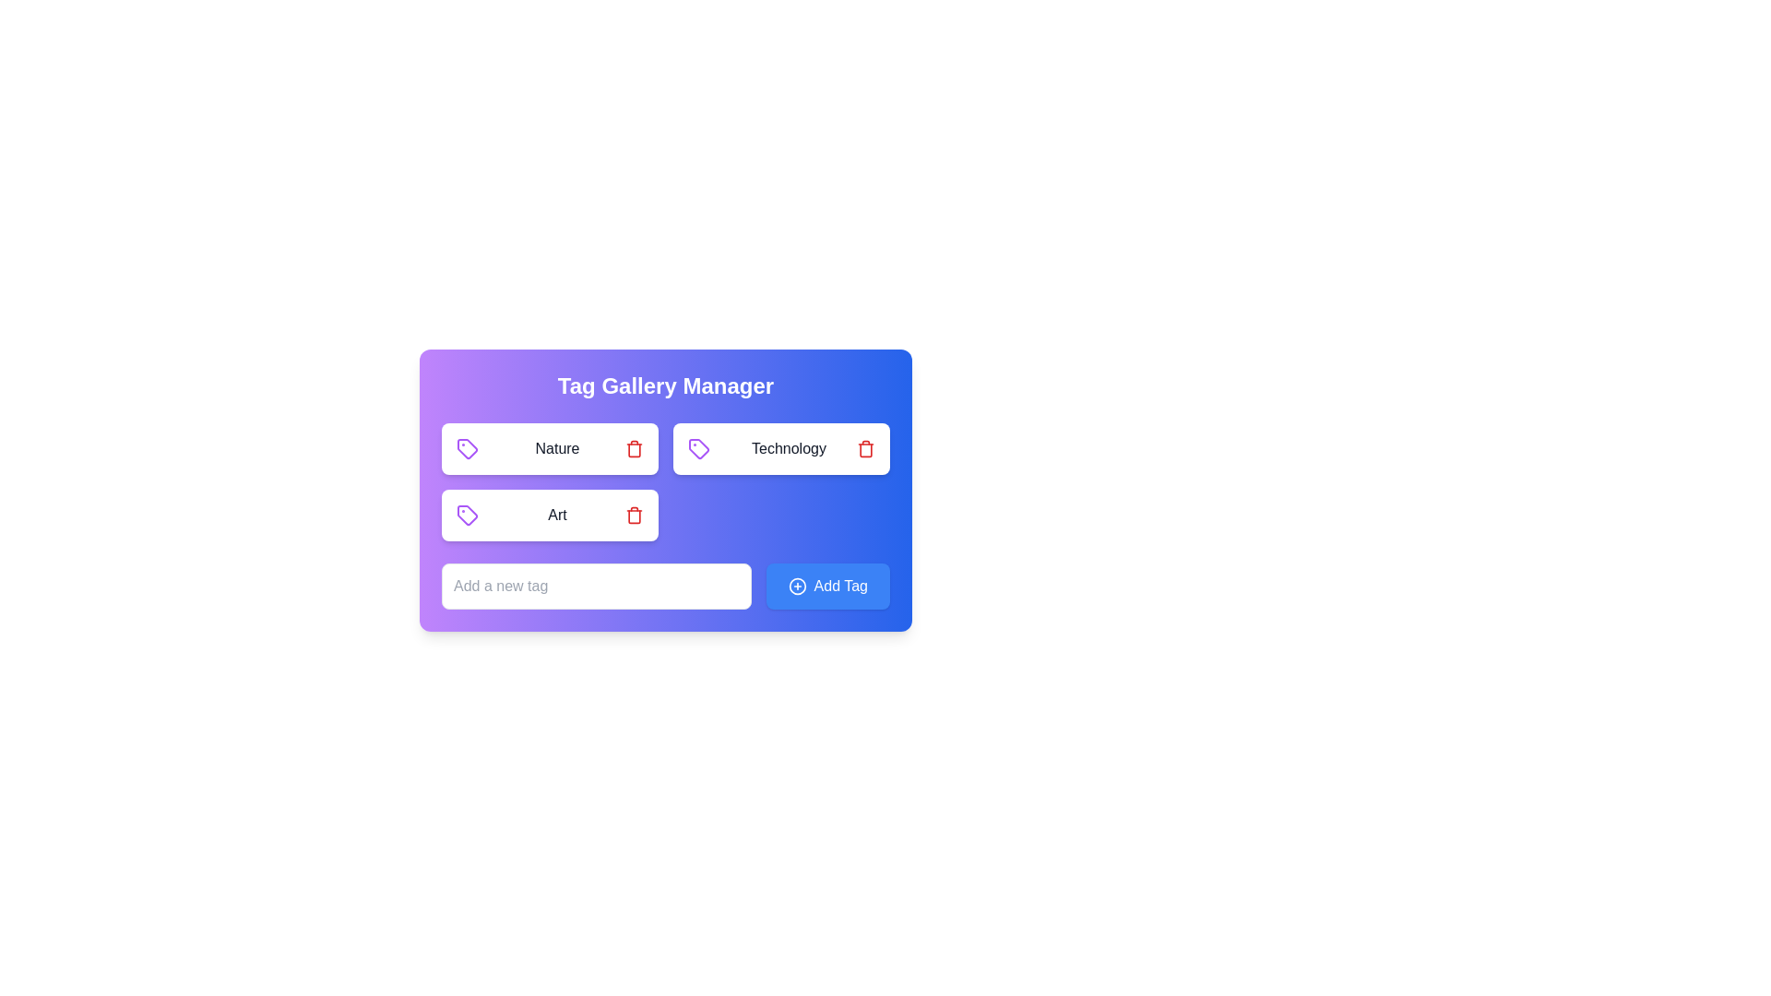  Describe the element at coordinates (697, 448) in the screenshot. I see `the tag icon that represents the label or tag associated with the 'Technology' text located in the top-right corner of the box containing tags` at that location.